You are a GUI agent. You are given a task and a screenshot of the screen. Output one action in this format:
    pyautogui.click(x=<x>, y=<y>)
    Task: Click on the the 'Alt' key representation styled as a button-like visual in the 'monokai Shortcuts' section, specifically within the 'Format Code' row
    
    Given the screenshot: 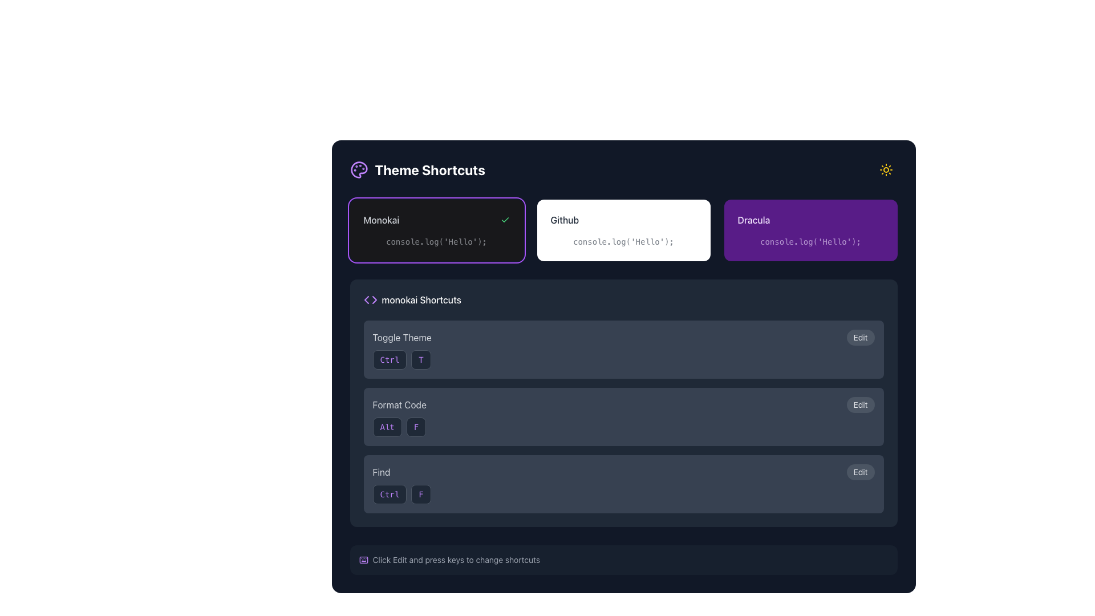 What is the action you would take?
    pyautogui.click(x=387, y=427)
    